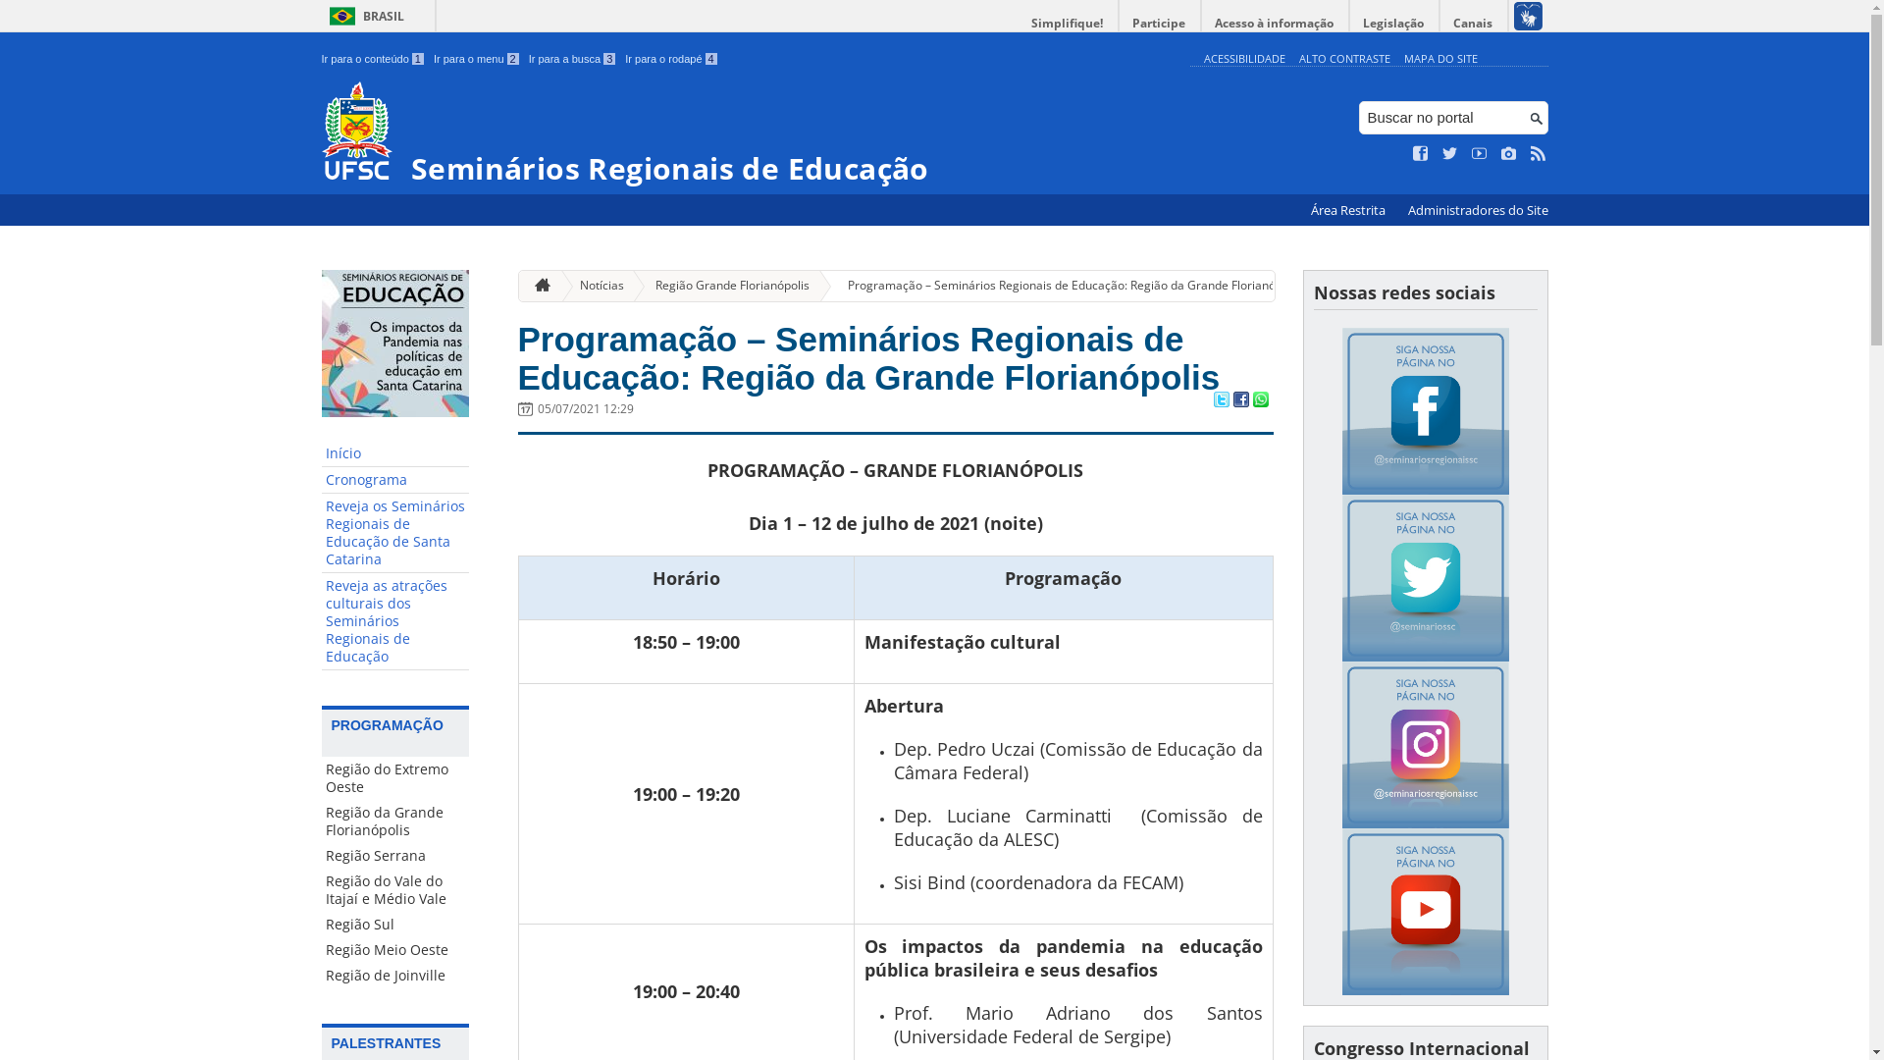  I want to click on 'Simplifique!', so click(1018, 23).